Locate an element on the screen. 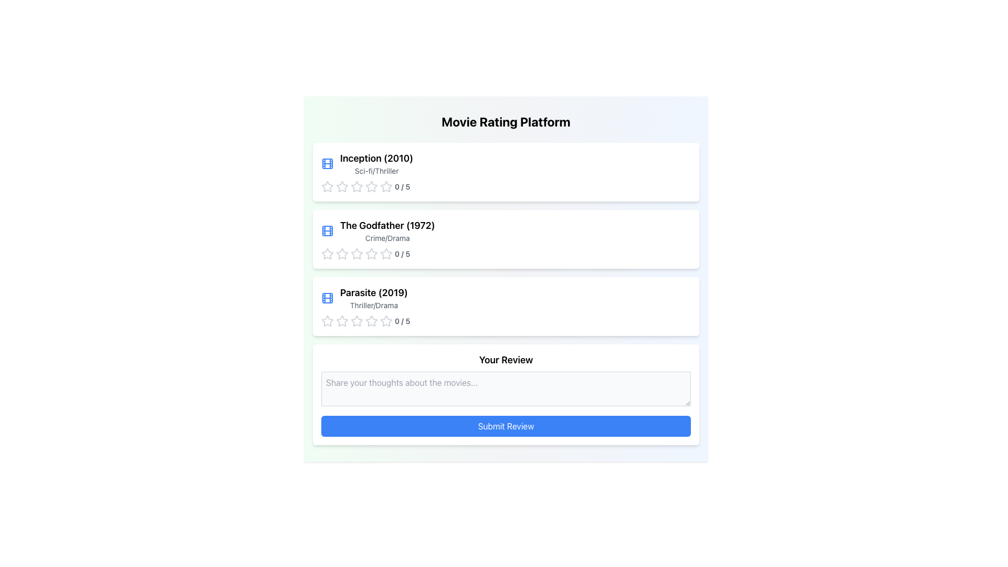 The image size is (1008, 567). the text label that reads 'The Godfather (1972)', which is styled with a bold and large font and located as the second movie entry in the vertically stacked list is located at coordinates (387, 225).